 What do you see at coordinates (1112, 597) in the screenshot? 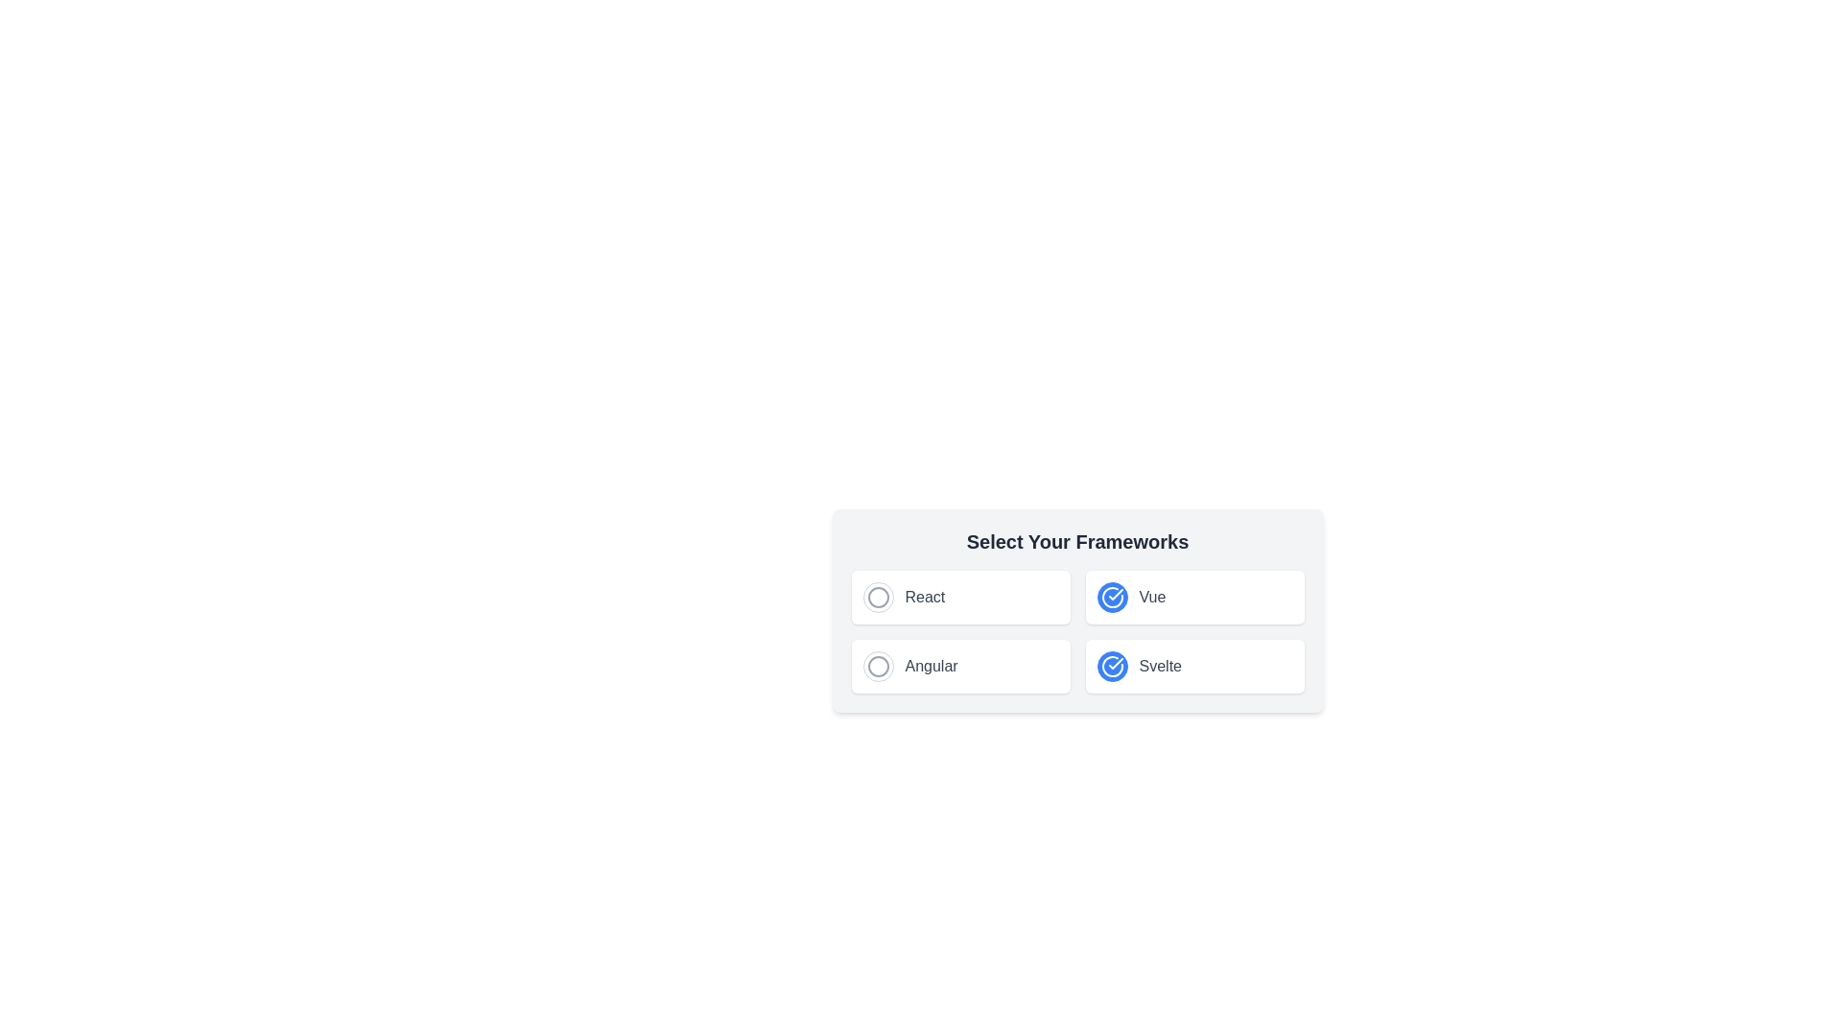
I see `the Circular selection indicator button` at bounding box center [1112, 597].